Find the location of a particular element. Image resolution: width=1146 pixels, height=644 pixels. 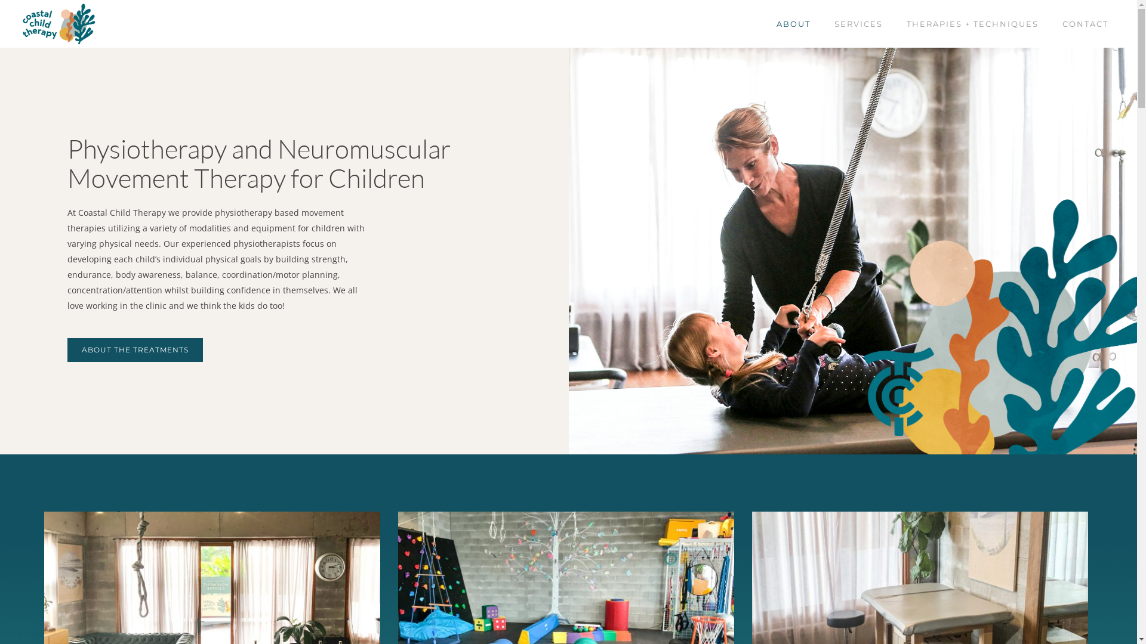

'THERAPIES + TECHNIQUES' is located at coordinates (972, 24).